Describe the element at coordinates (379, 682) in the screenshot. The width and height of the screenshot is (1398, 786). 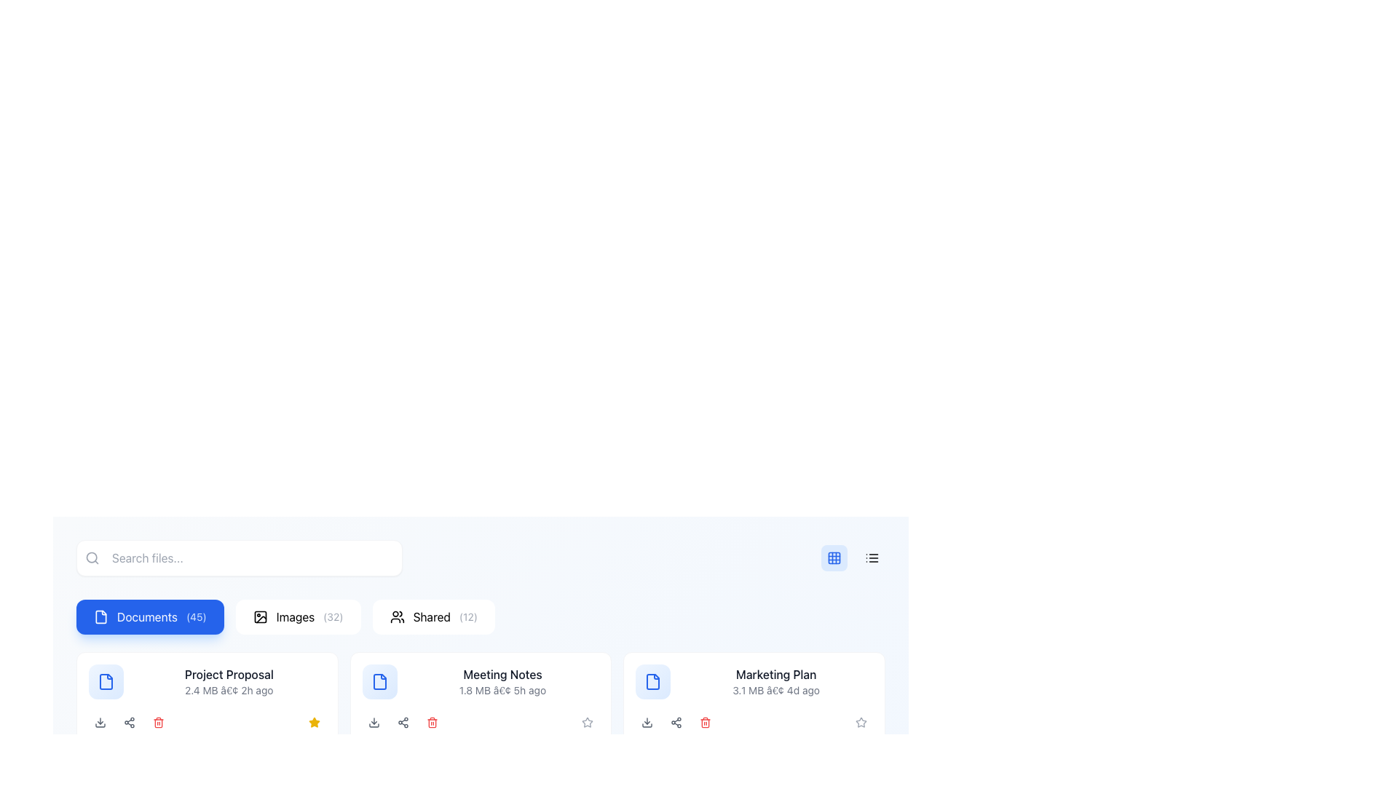
I see `the blue document icon in the 'Documents' section, which is part of the 'Project Proposal' card and is the leftmost icon within that card` at that location.